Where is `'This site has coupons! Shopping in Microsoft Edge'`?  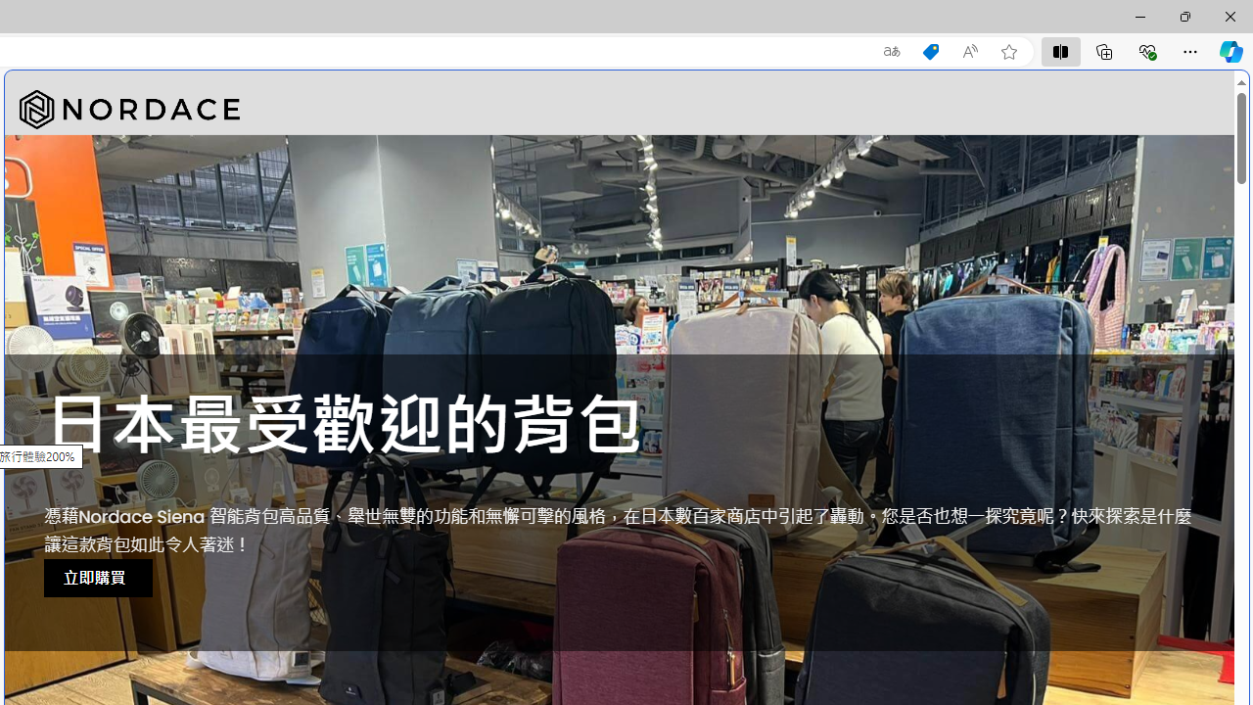
'This site has coupons! Shopping in Microsoft Edge' is located at coordinates (930, 51).